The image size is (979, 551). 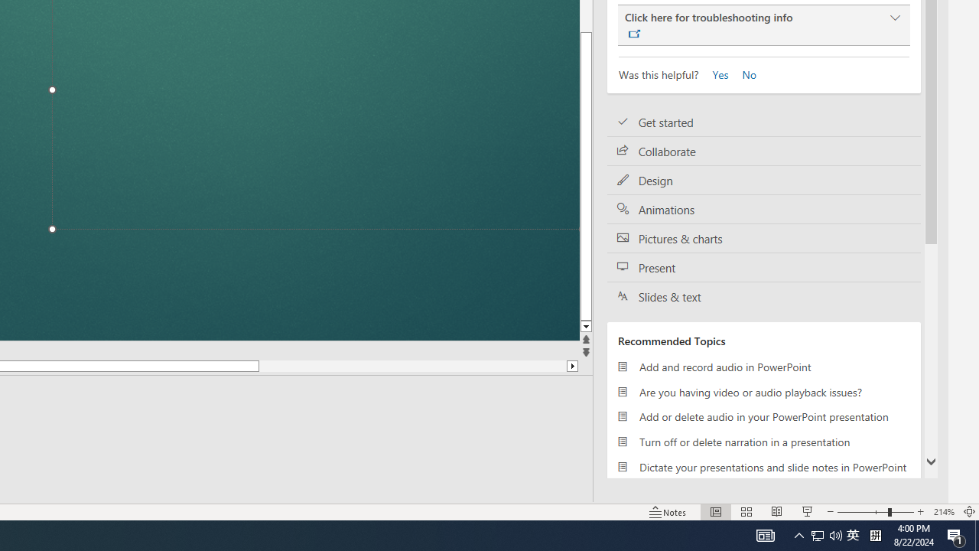 What do you see at coordinates (764, 25) in the screenshot?
I see `'Click here for troubleshooting info'` at bounding box center [764, 25].